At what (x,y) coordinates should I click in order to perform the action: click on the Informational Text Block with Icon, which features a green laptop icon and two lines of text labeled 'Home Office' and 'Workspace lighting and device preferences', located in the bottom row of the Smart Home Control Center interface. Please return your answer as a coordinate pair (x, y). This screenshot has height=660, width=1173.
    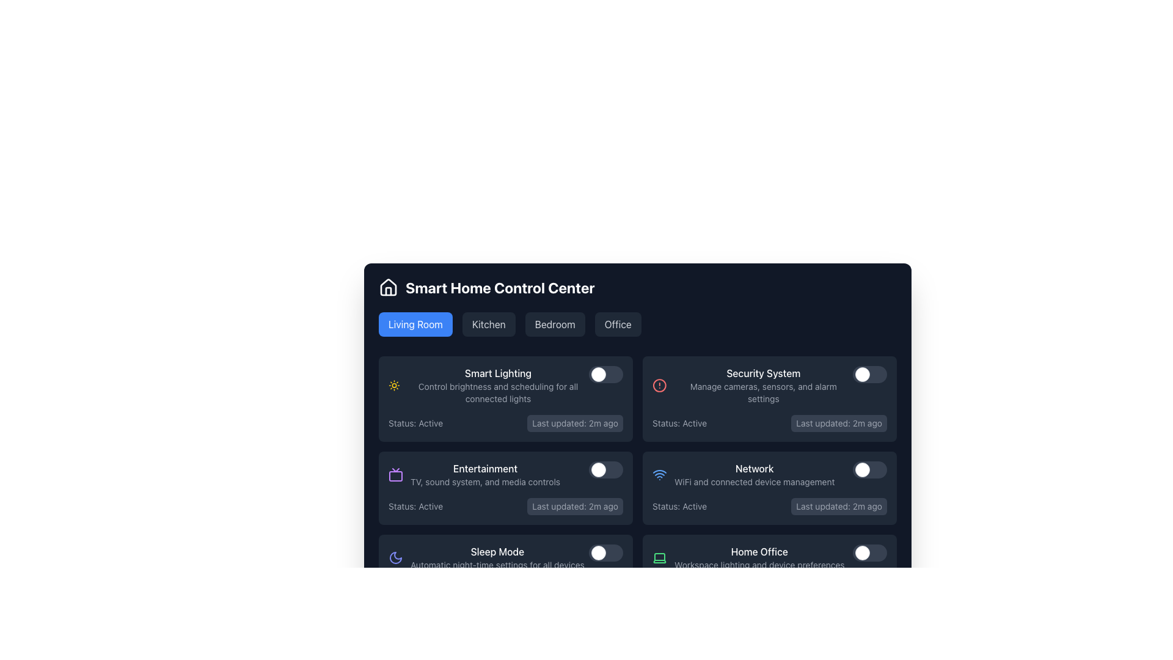
    Looking at the image, I should click on (748, 558).